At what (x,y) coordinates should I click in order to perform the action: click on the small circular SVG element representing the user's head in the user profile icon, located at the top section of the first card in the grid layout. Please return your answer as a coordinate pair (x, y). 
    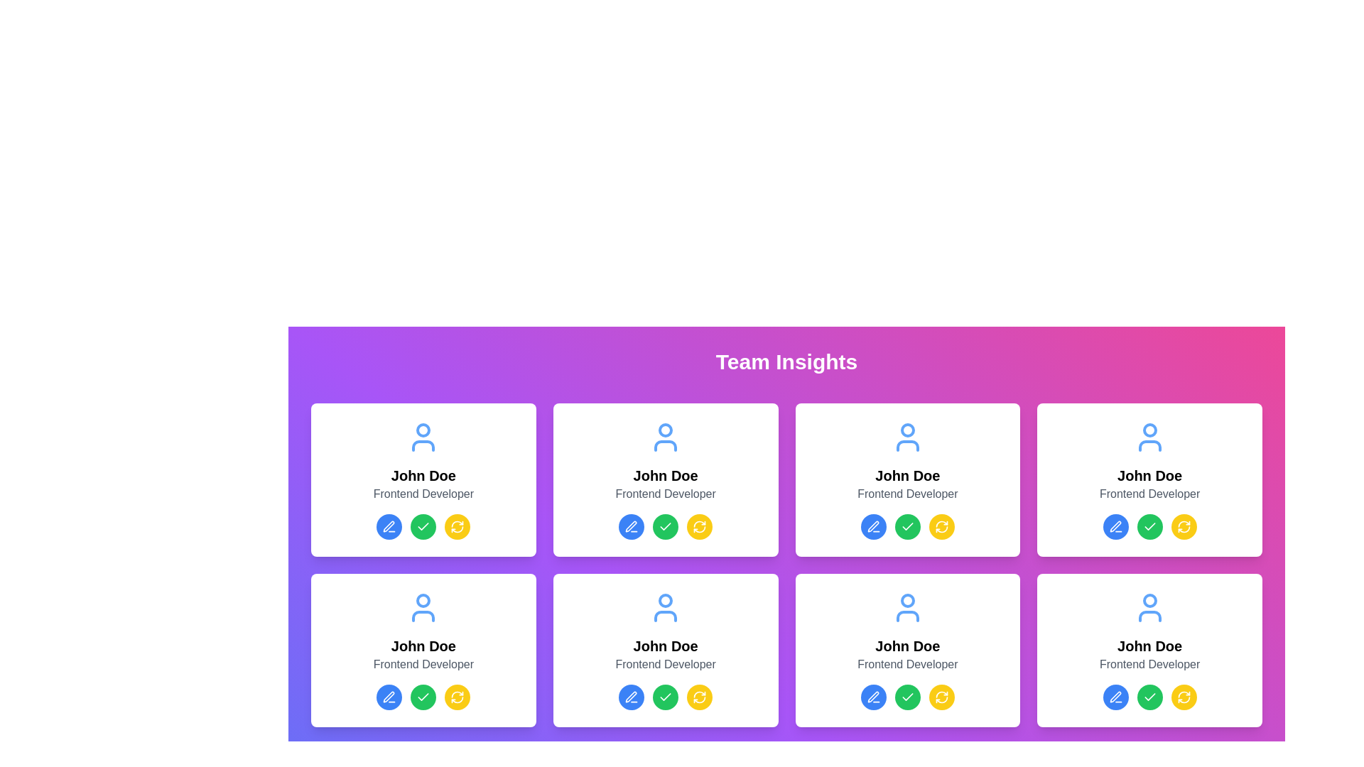
    Looking at the image, I should click on (423, 429).